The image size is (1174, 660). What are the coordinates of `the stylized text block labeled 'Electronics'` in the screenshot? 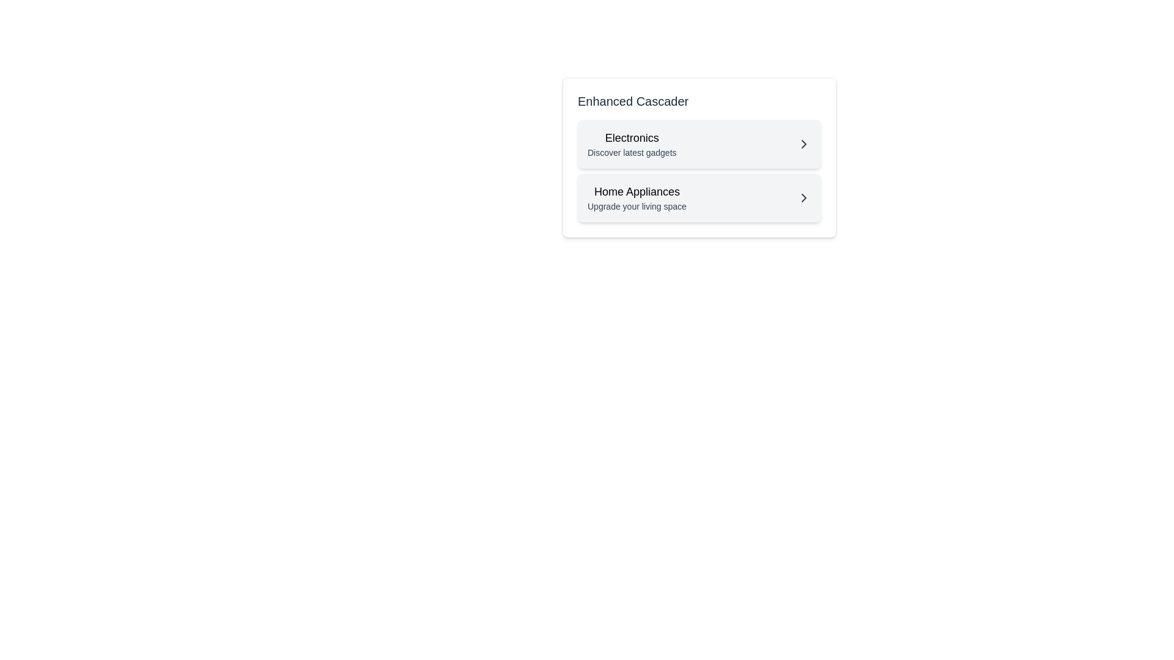 It's located at (632, 143).